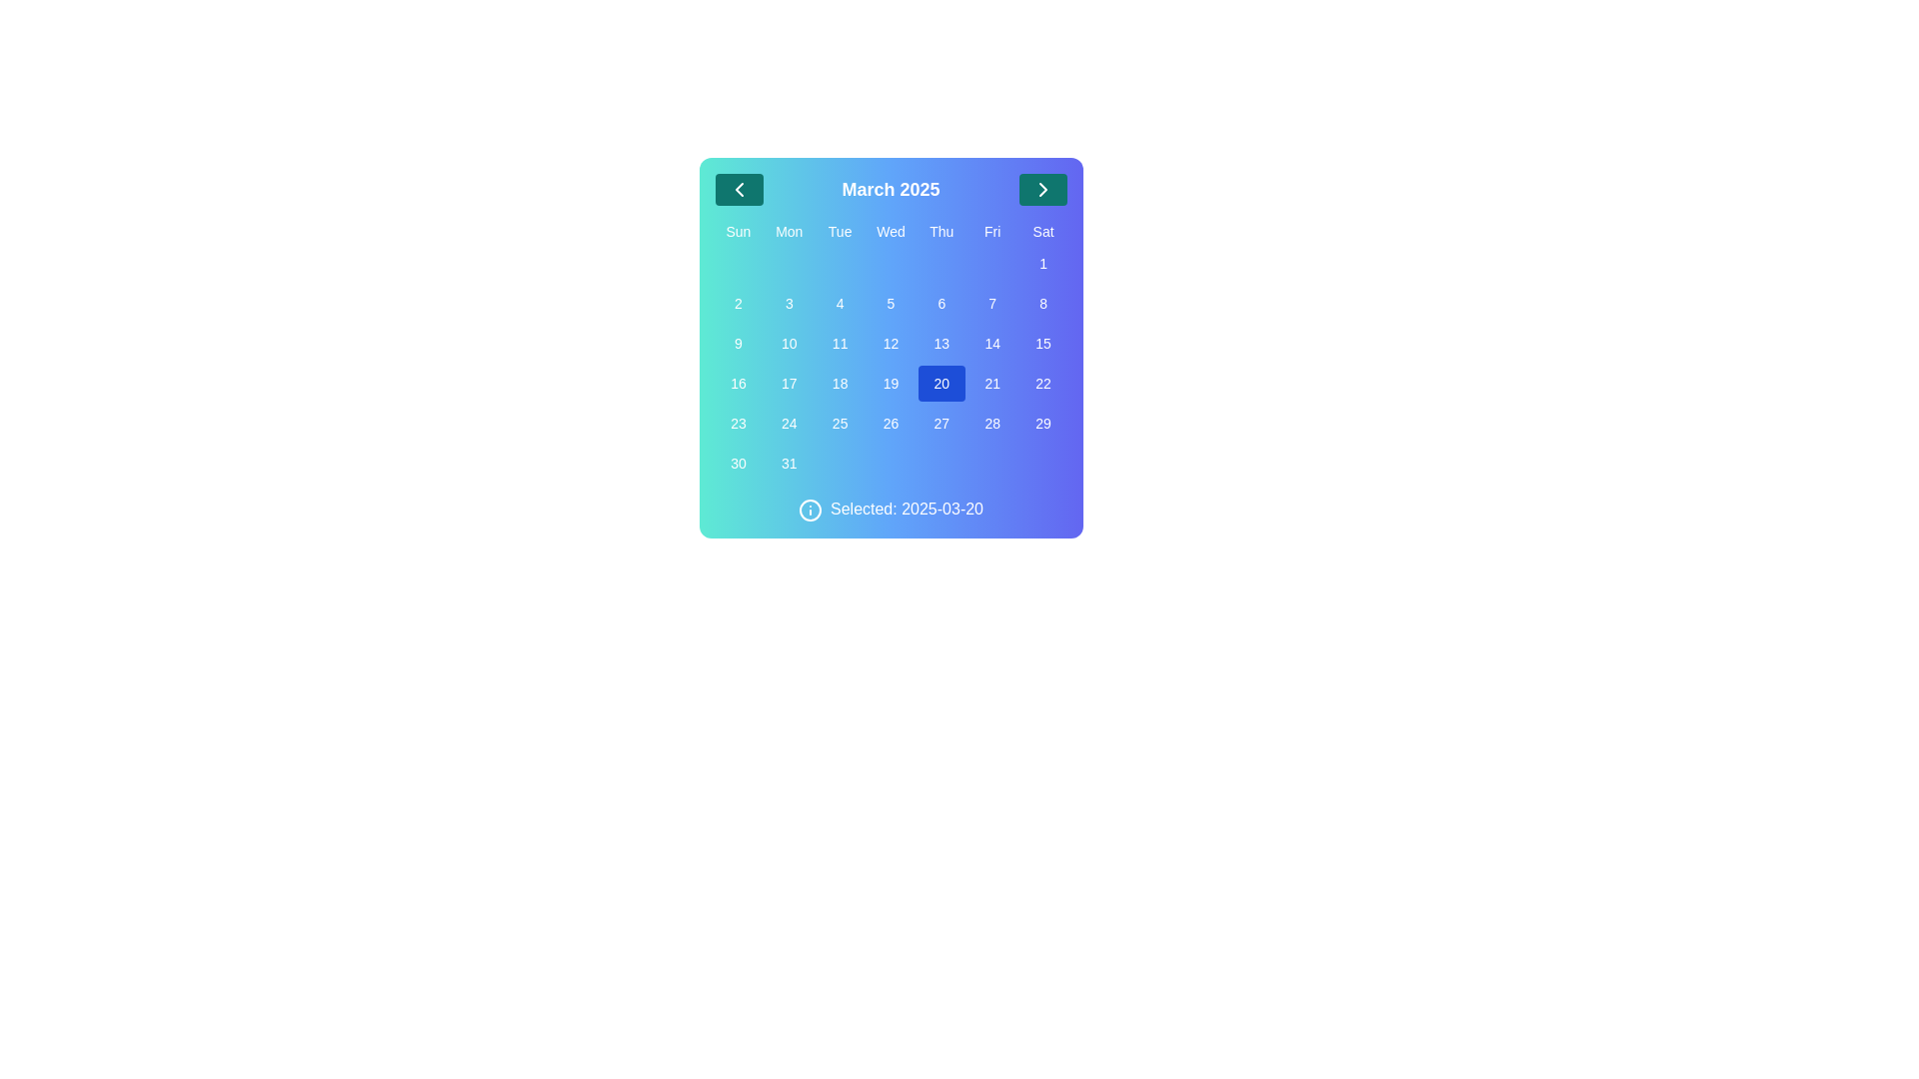 This screenshot has width=1919, height=1079. What do you see at coordinates (992, 423) in the screenshot?
I see `the button displaying the number '28' in the last column under 'Fri' in the fifth row of the calendar grid` at bounding box center [992, 423].